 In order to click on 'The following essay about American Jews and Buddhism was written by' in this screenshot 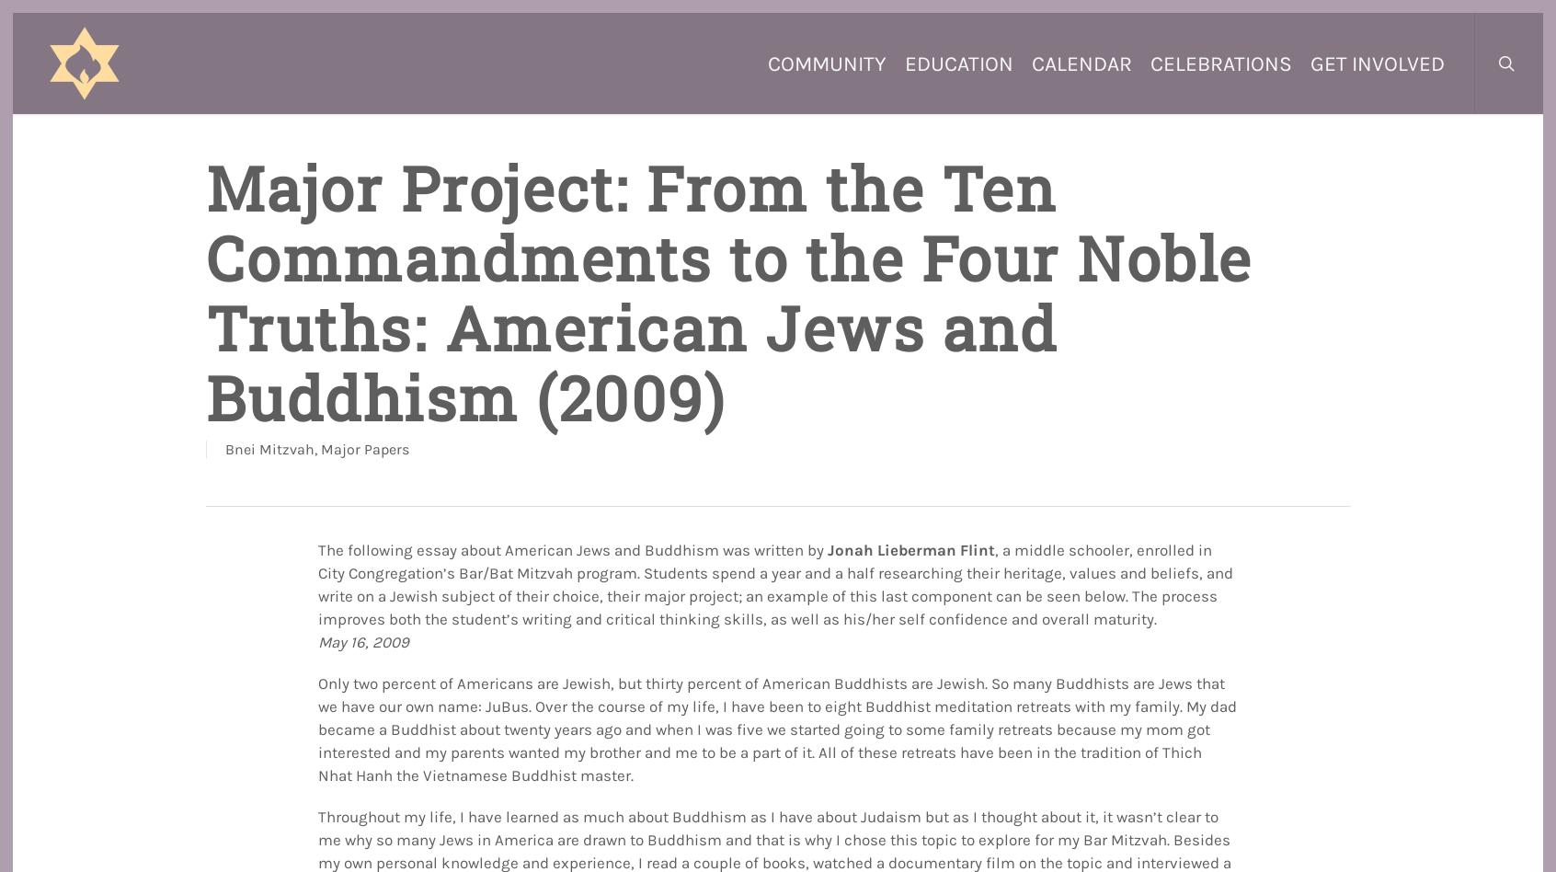, I will do `click(571, 548)`.